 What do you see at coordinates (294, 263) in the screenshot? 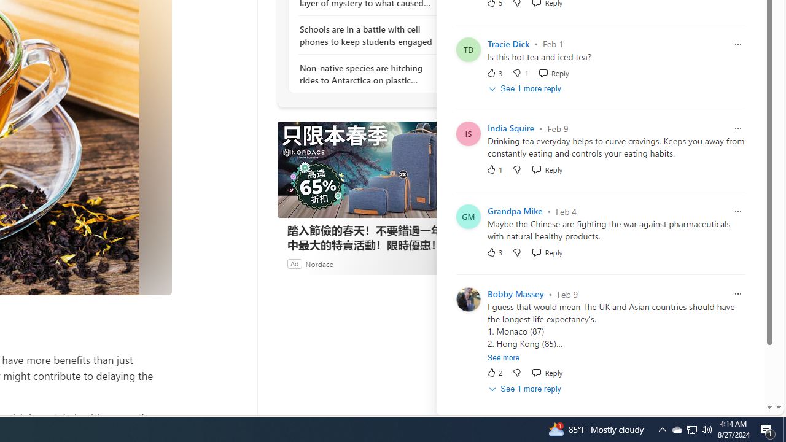
I see `'Ad'` at bounding box center [294, 263].